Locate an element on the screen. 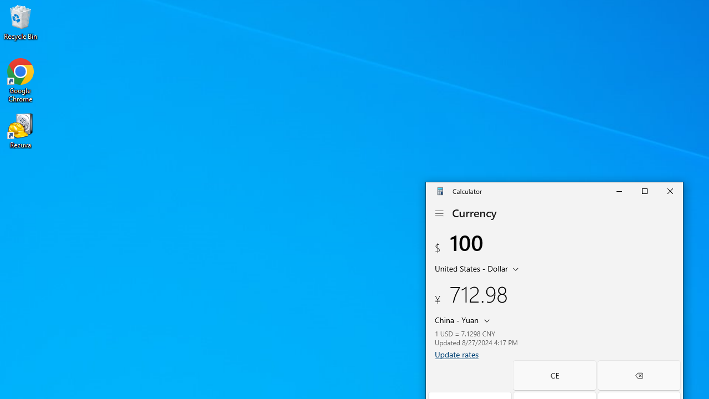  'China Yuan' is located at coordinates (456, 320).